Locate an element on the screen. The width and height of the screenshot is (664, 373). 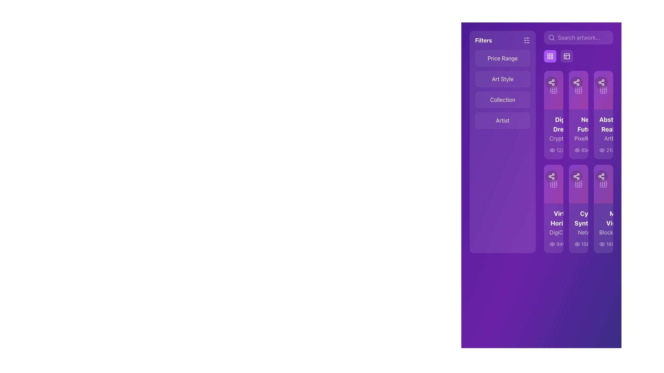
displayed value from the informational Text label located in the bottom-right corner of the interface, adjacent to an eye icon on the rightmost card is located at coordinates (612, 243).